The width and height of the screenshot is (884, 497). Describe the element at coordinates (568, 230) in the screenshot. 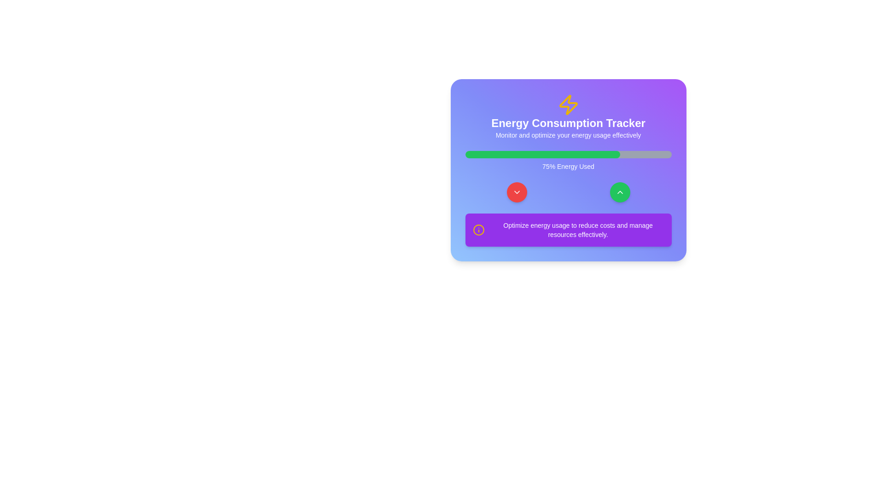

I see `informational message with a purple background that contains the text 'Optimize energy usage to reduce costs and manage resources effectively.'` at that location.